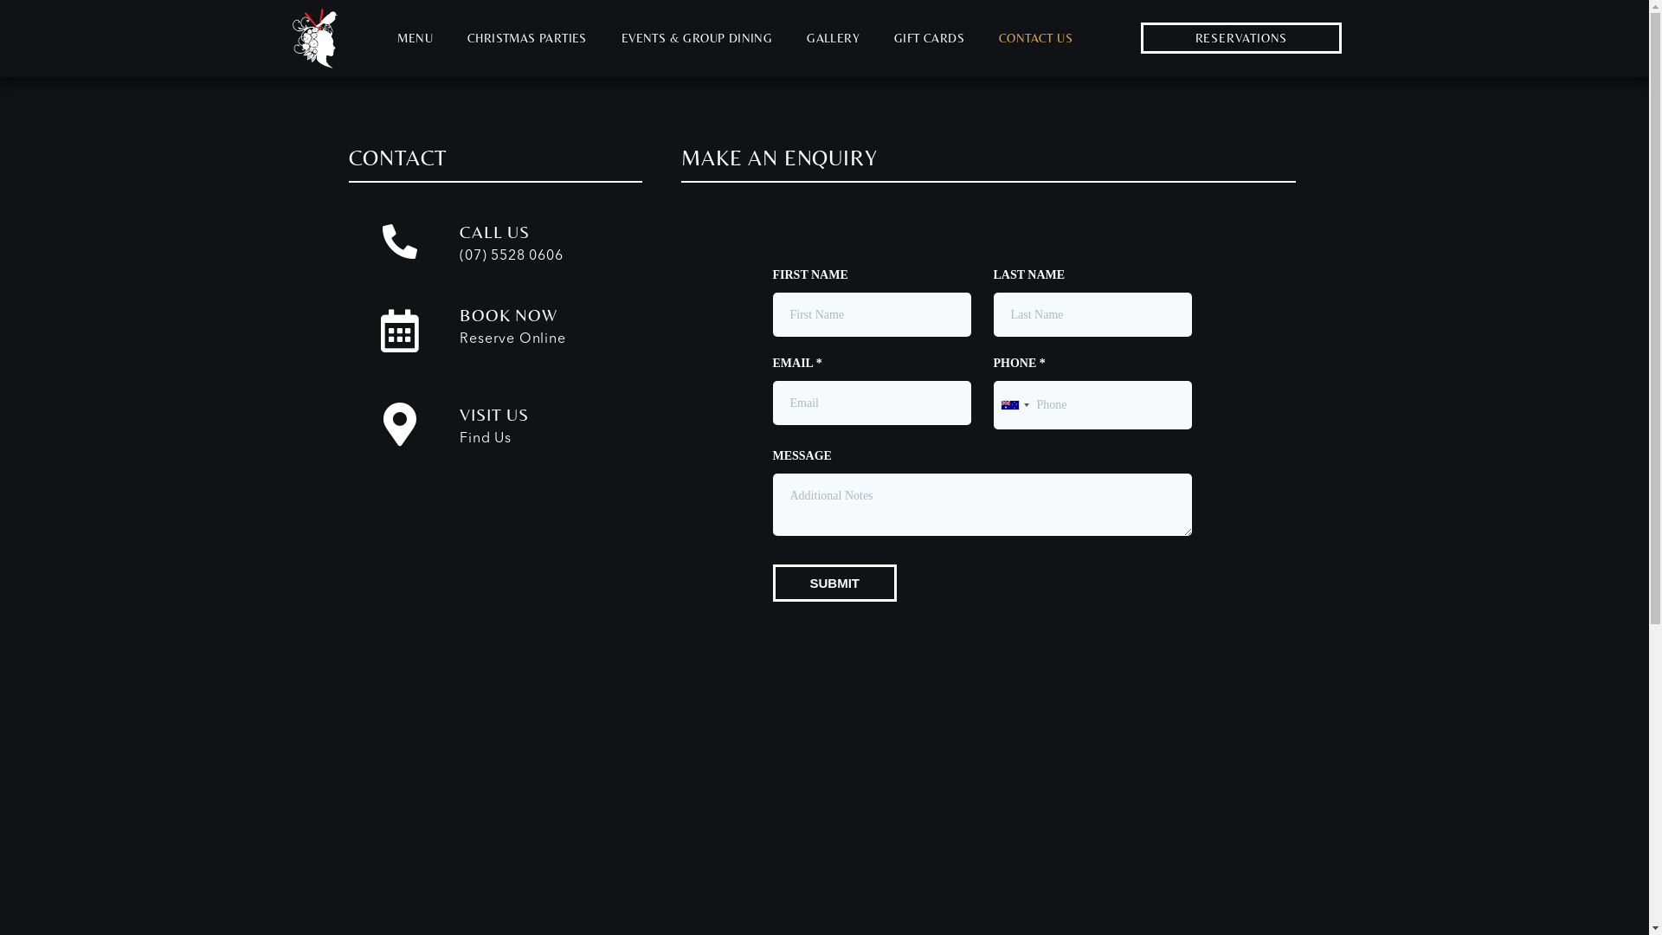 The image size is (1662, 935). Describe the element at coordinates (1035, 37) in the screenshot. I see `'CONTACT US'` at that location.